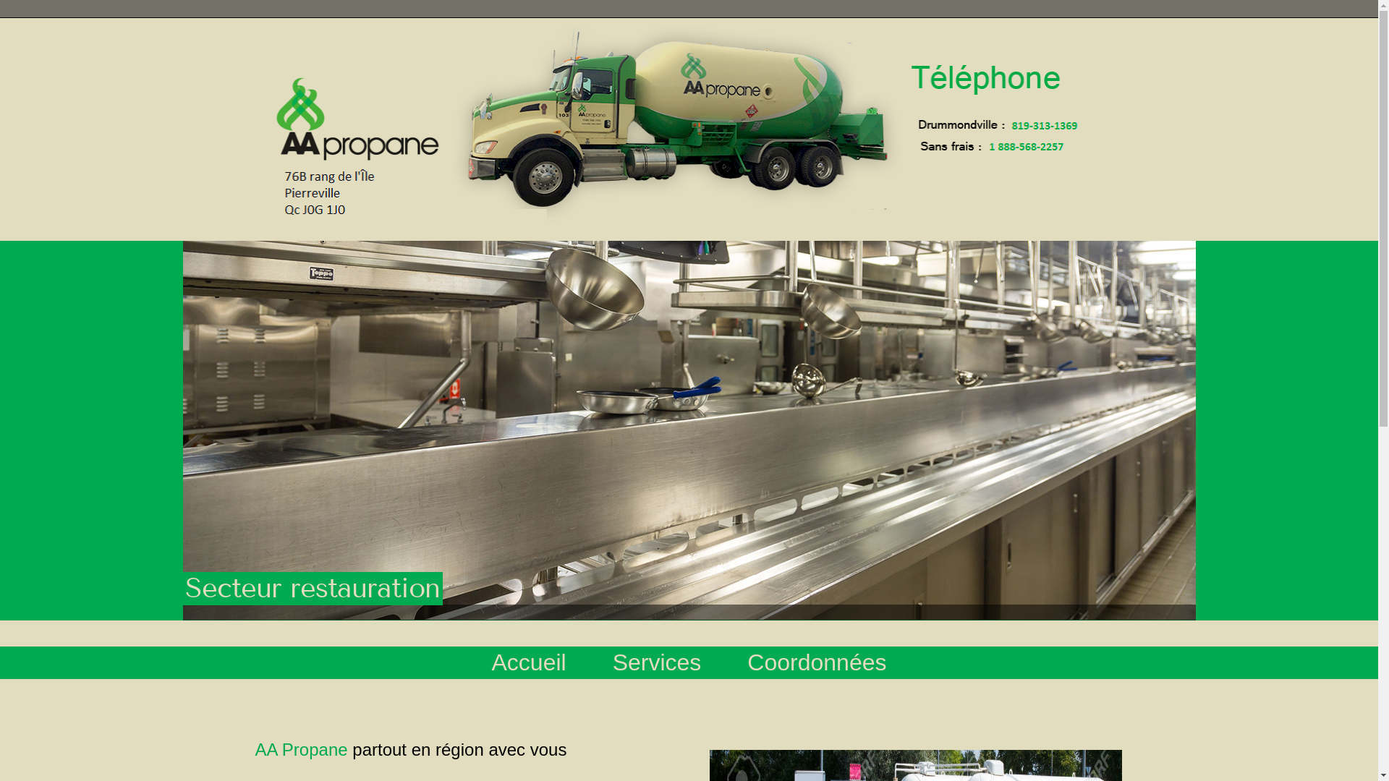  Describe the element at coordinates (590, 666) in the screenshot. I see `'Services'` at that location.